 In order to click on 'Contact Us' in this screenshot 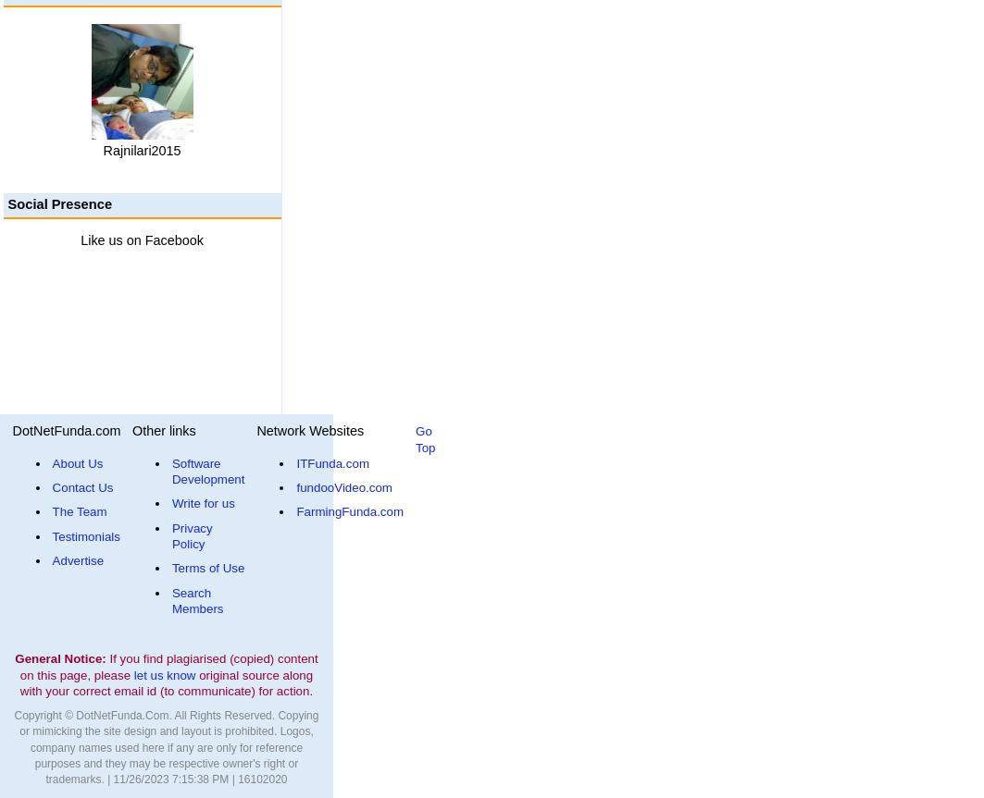, I will do `click(81, 487)`.